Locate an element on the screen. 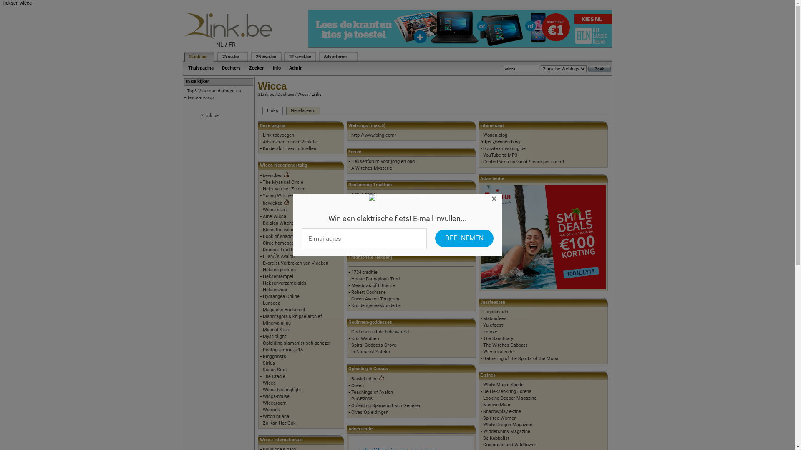 Image resolution: width=801 pixels, height=450 pixels. 'Heksenforum voor jong en oud' is located at coordinates (382, 161).